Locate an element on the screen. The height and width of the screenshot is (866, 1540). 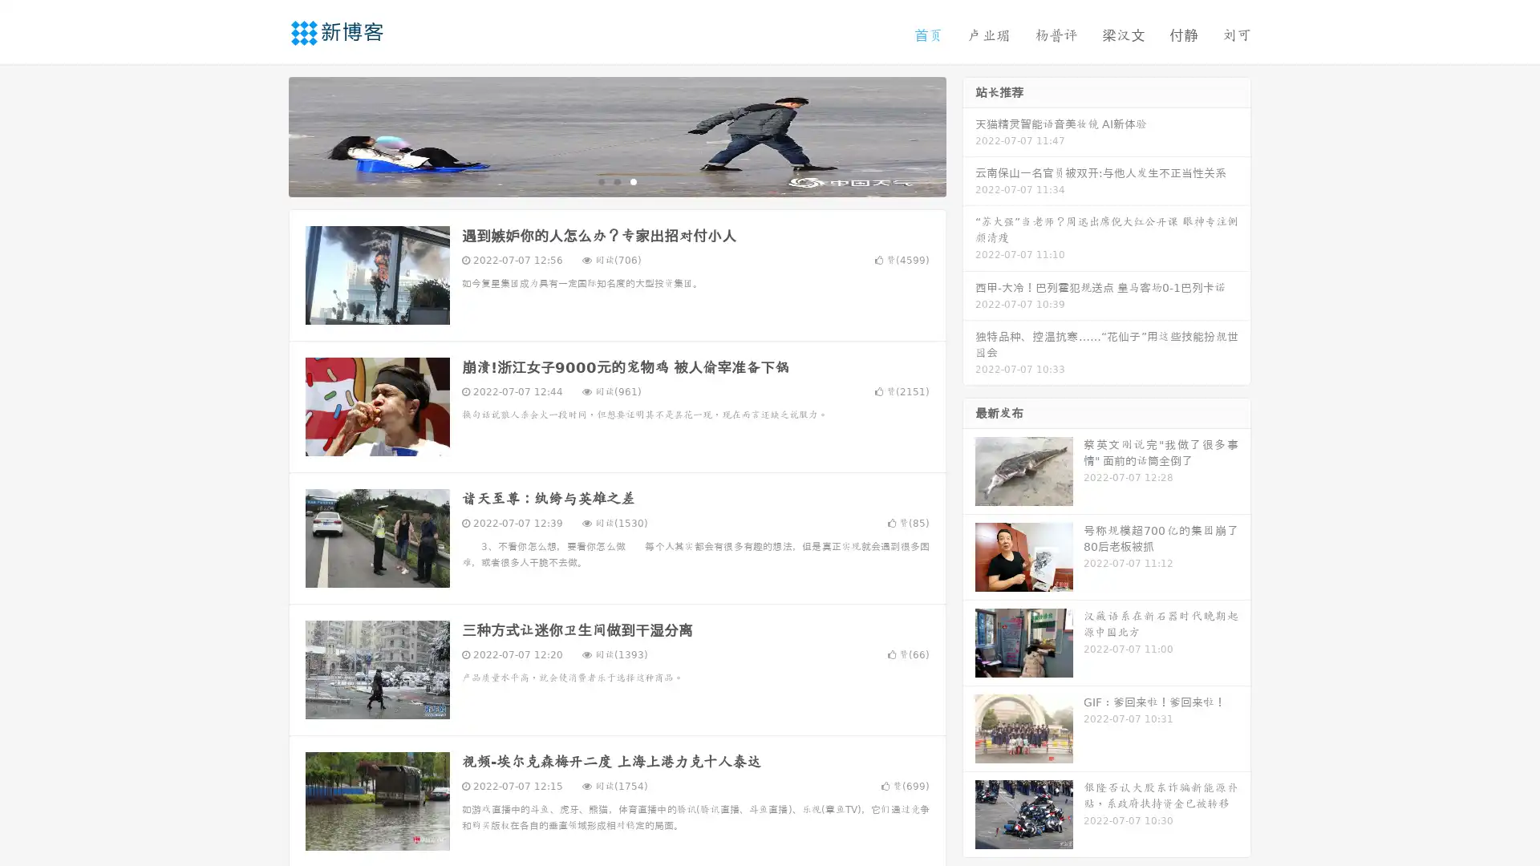
Go to slide 3 is located at coordinates (633, 180).